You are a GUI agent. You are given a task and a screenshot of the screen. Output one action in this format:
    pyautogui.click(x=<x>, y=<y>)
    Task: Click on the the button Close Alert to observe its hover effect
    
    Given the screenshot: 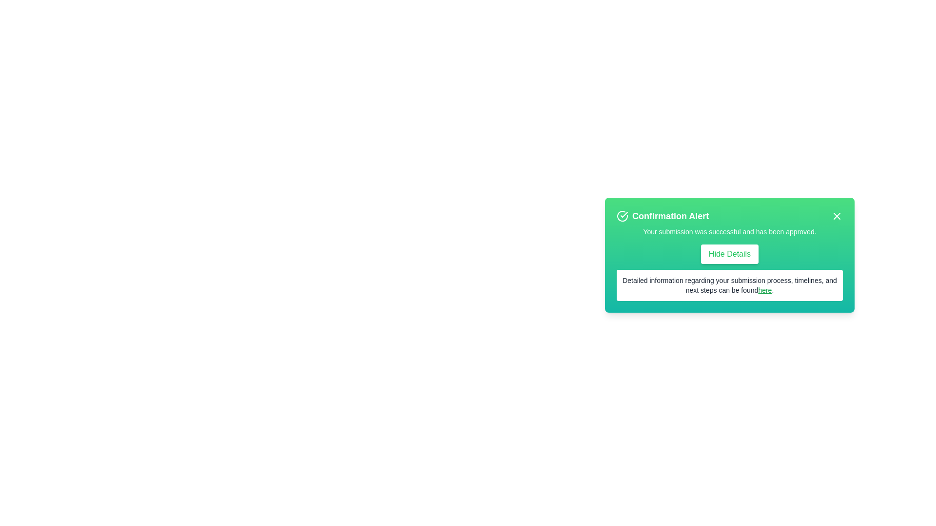 What is the action you would take?
    pyautogui.click(x=837, y=215)
    